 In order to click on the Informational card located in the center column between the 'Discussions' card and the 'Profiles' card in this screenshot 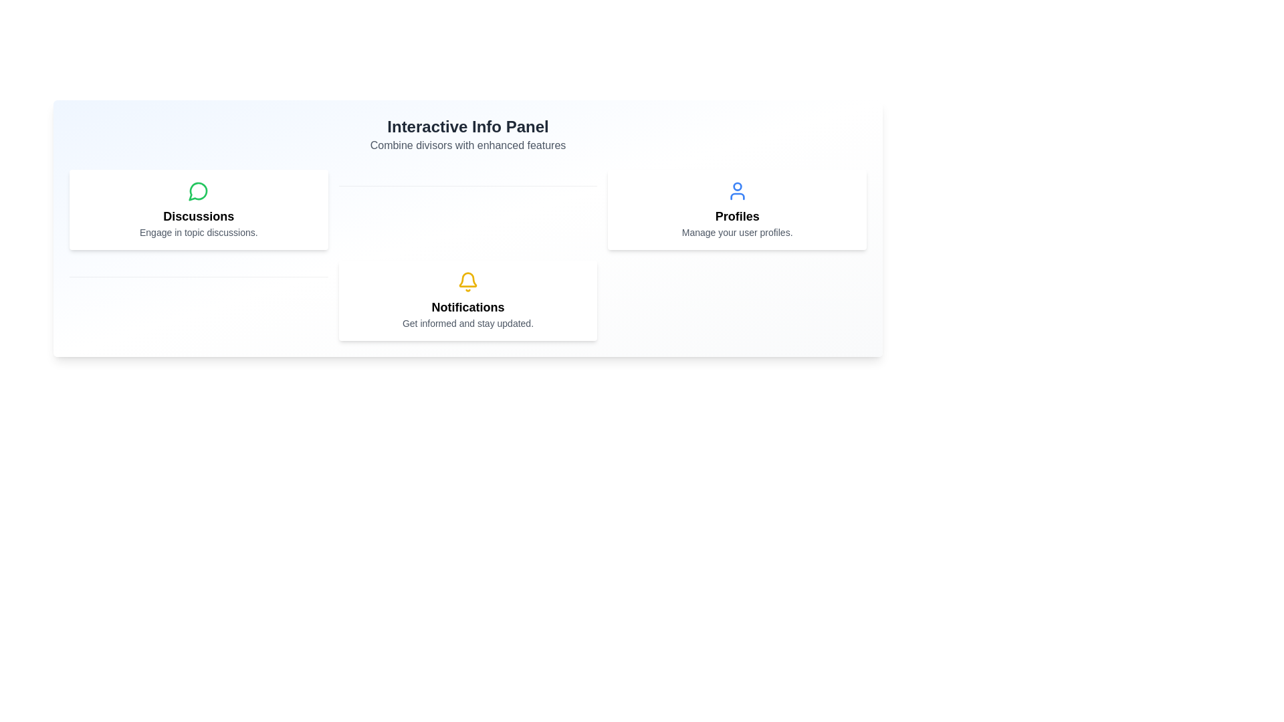, I will do `click(468, 301)`.